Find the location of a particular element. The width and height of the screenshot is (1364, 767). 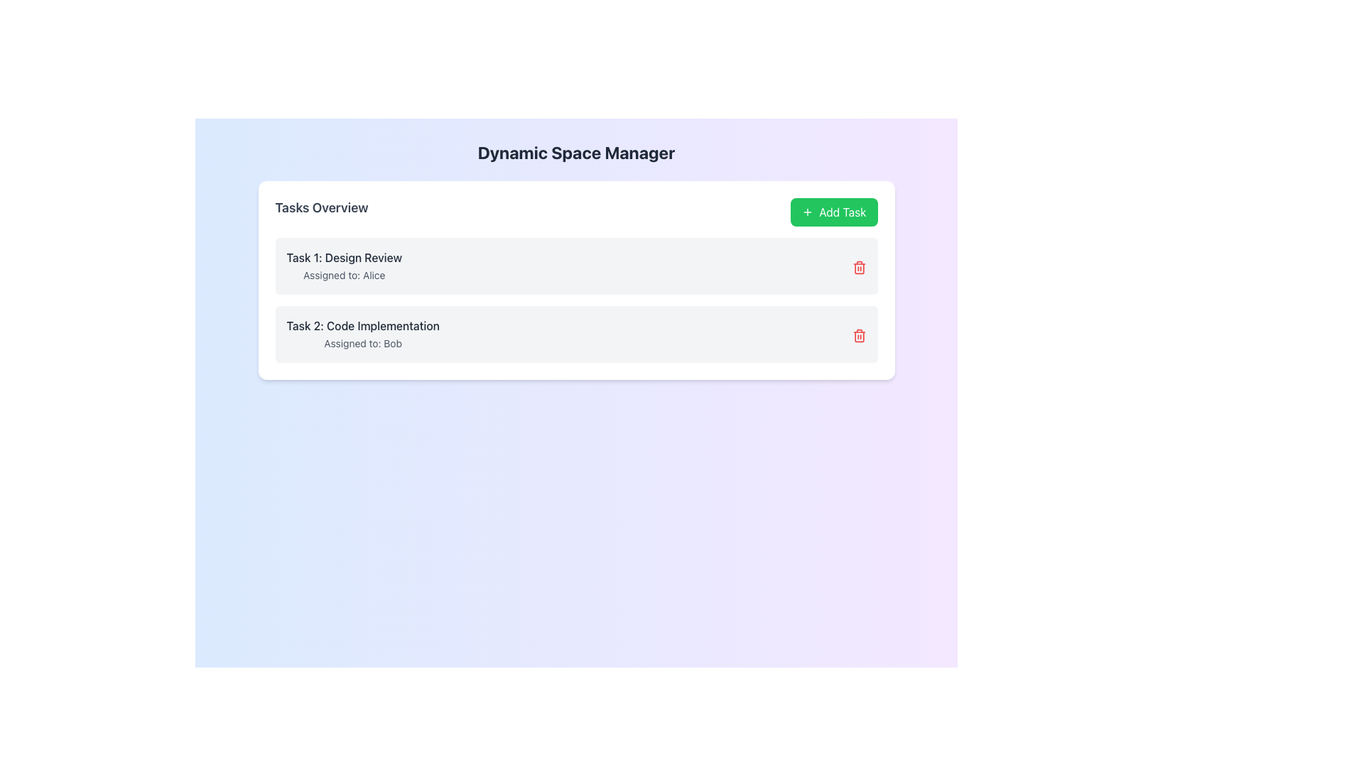

the delete icon button located at the lower-right side of the second task card ('Task 2: Code Implementation') is located at coordinates (858, 335).